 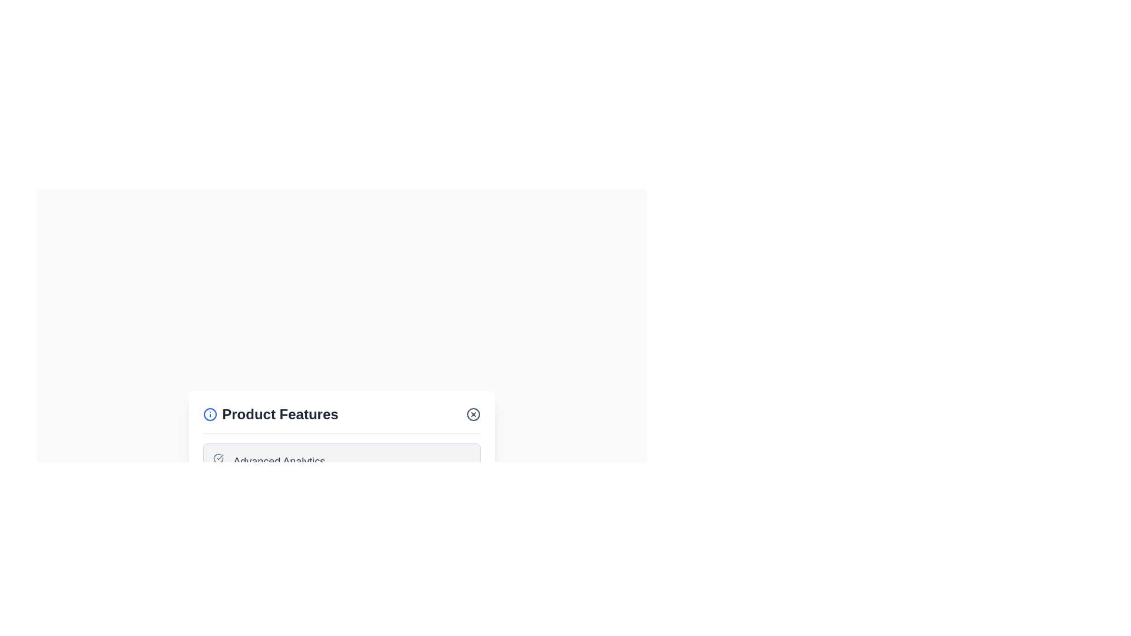 I want to click on the close button, which is a circular SVG graphical element with a cross ('X') icon located in the top-right corner of the 'Product Features' card, so click(x=473, y=413).